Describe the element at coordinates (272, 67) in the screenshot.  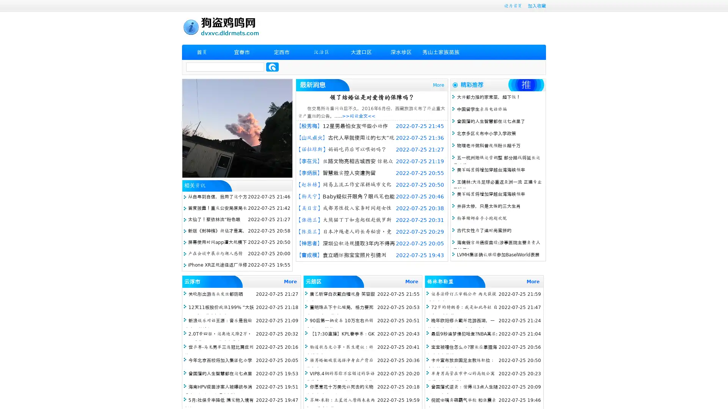
I see `Search` at that location.